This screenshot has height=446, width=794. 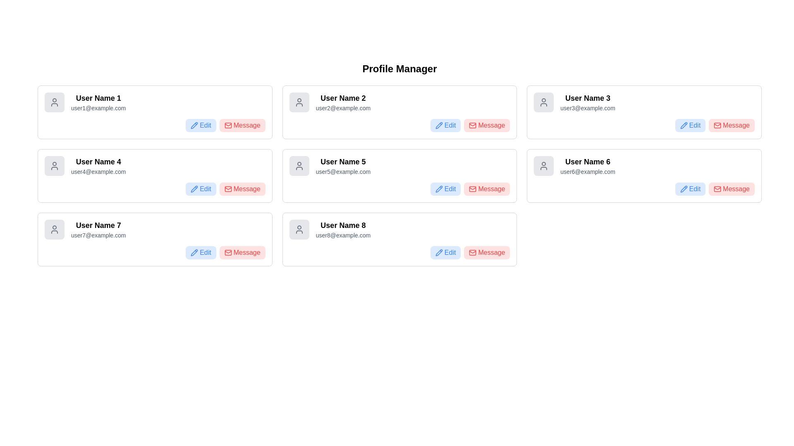 What do you see at coordinates (205, 126) in the screenshot?
I see `the 'Edit' text label within the button that indicates editing the profile details for 'User Name 1'` at bounding box center [205, 126].